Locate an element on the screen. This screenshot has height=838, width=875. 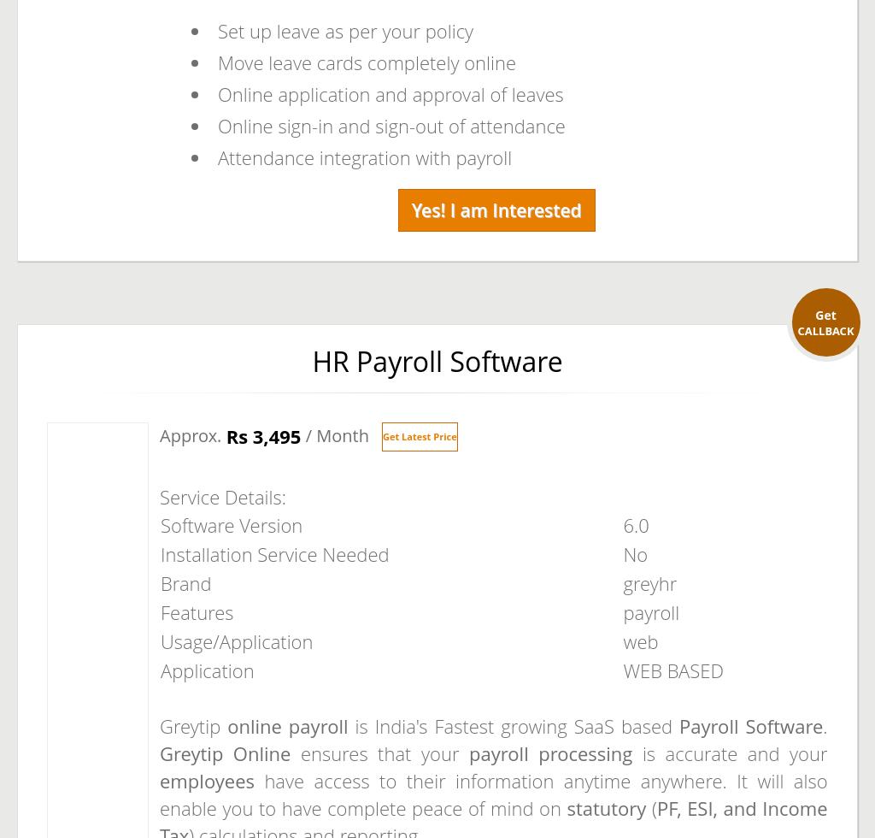
'(' is located at coordinates (649, 808).